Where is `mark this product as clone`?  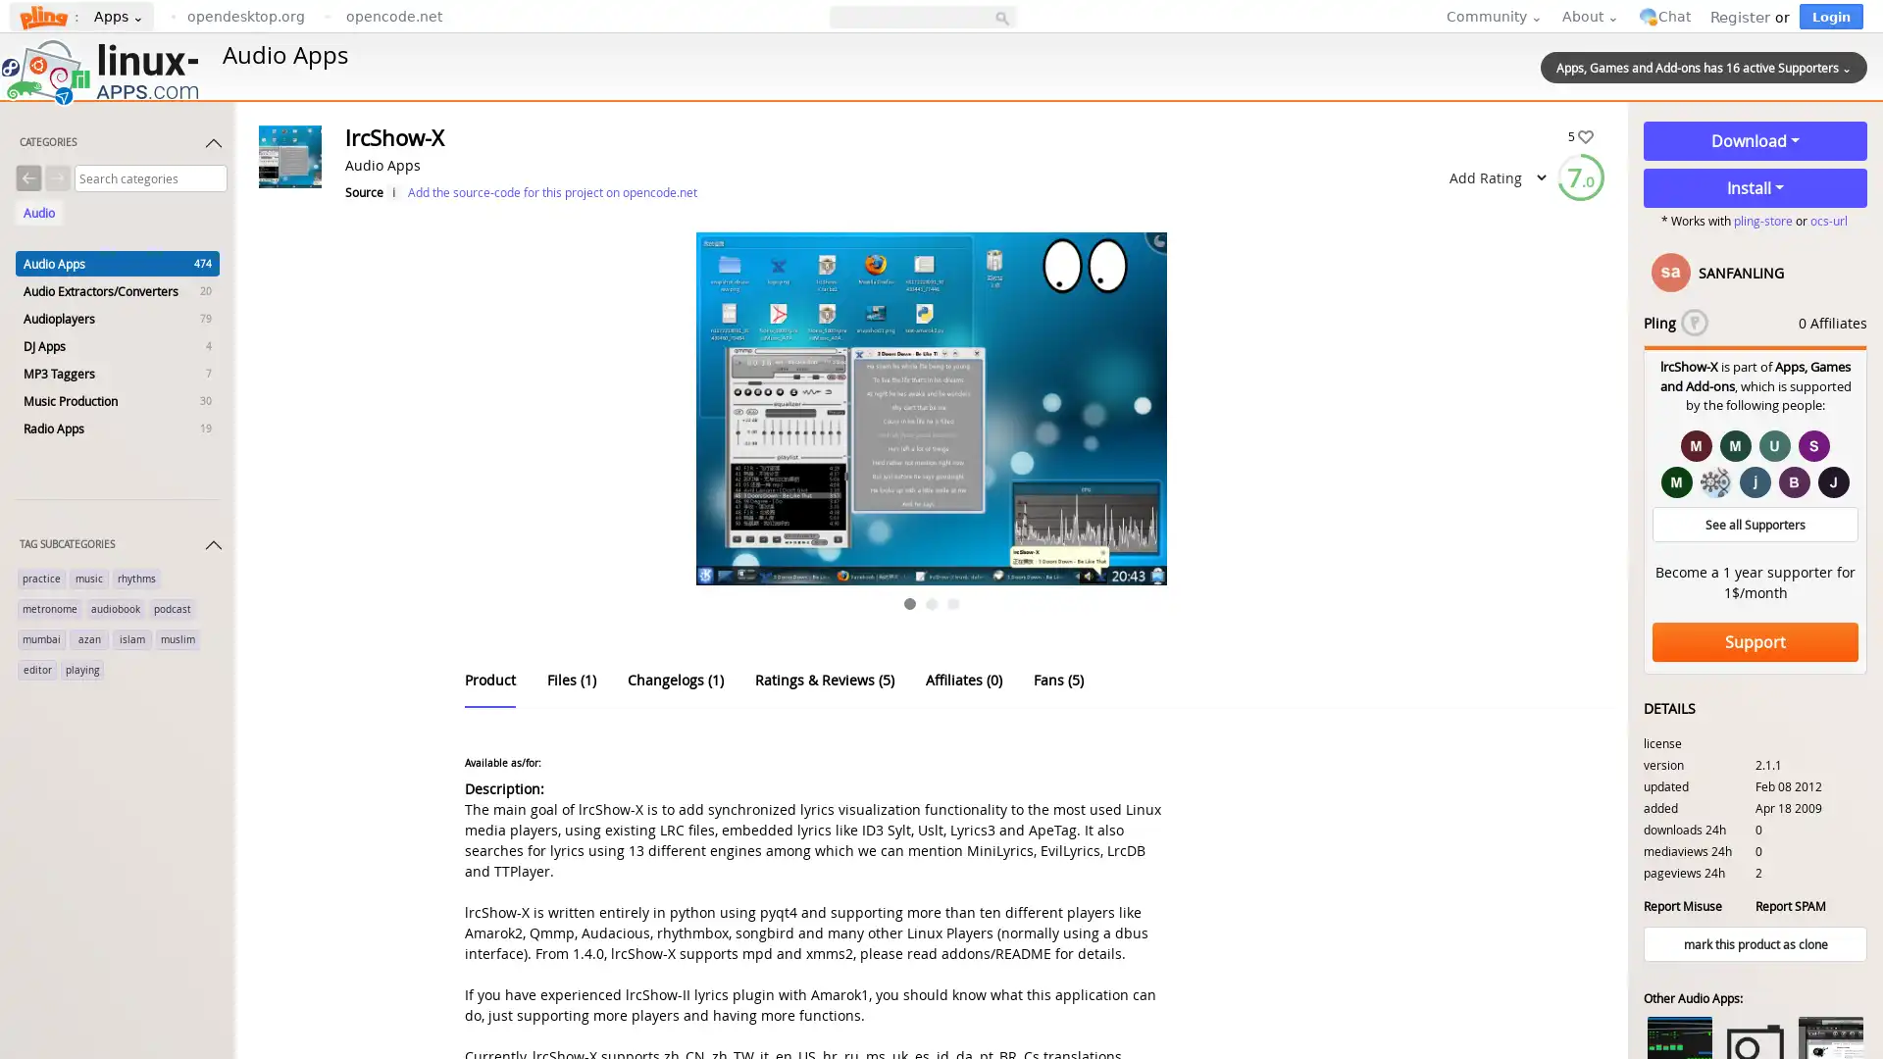 mark this product as clone is located at coordinates (1756, 941).